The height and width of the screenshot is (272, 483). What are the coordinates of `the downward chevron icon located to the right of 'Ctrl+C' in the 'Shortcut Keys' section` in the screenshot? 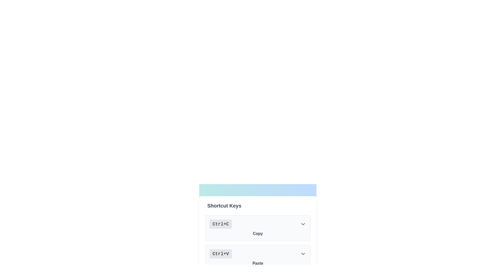 It's located at (303, 224).